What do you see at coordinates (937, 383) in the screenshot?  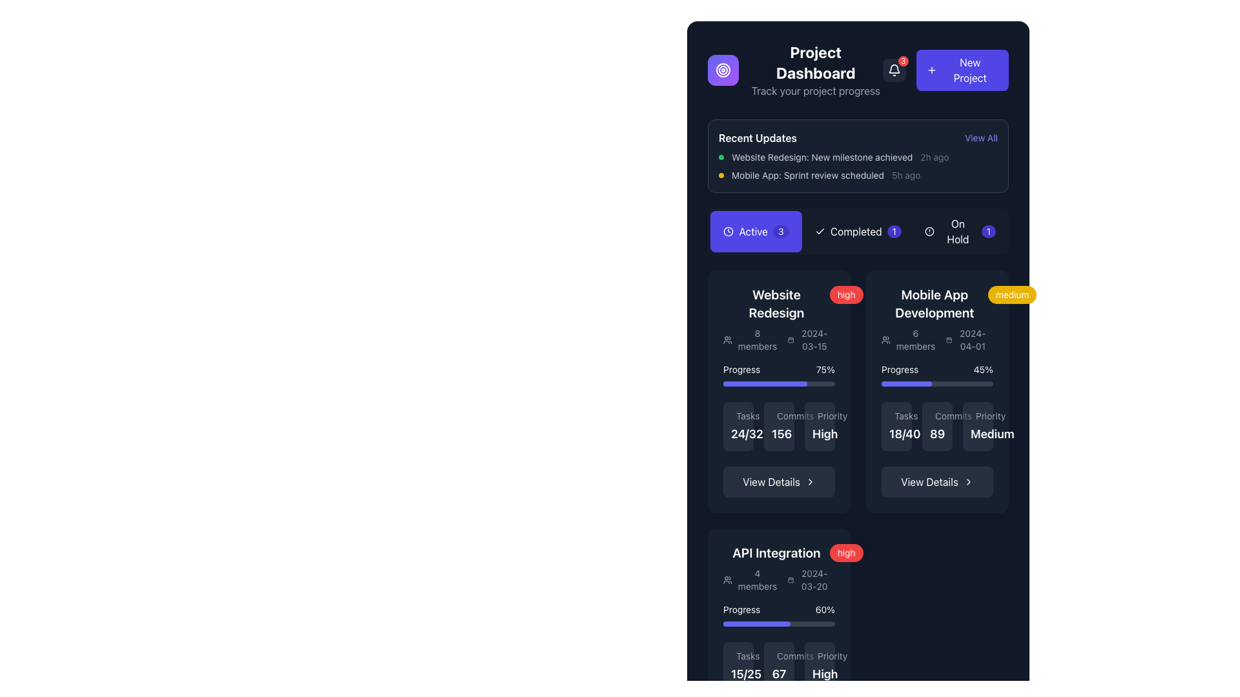 I see `the completion status of the progress bar located beneath the 'Progress 45%' text in the 'Mobile App Development' section` at bounding box center [937, 383].